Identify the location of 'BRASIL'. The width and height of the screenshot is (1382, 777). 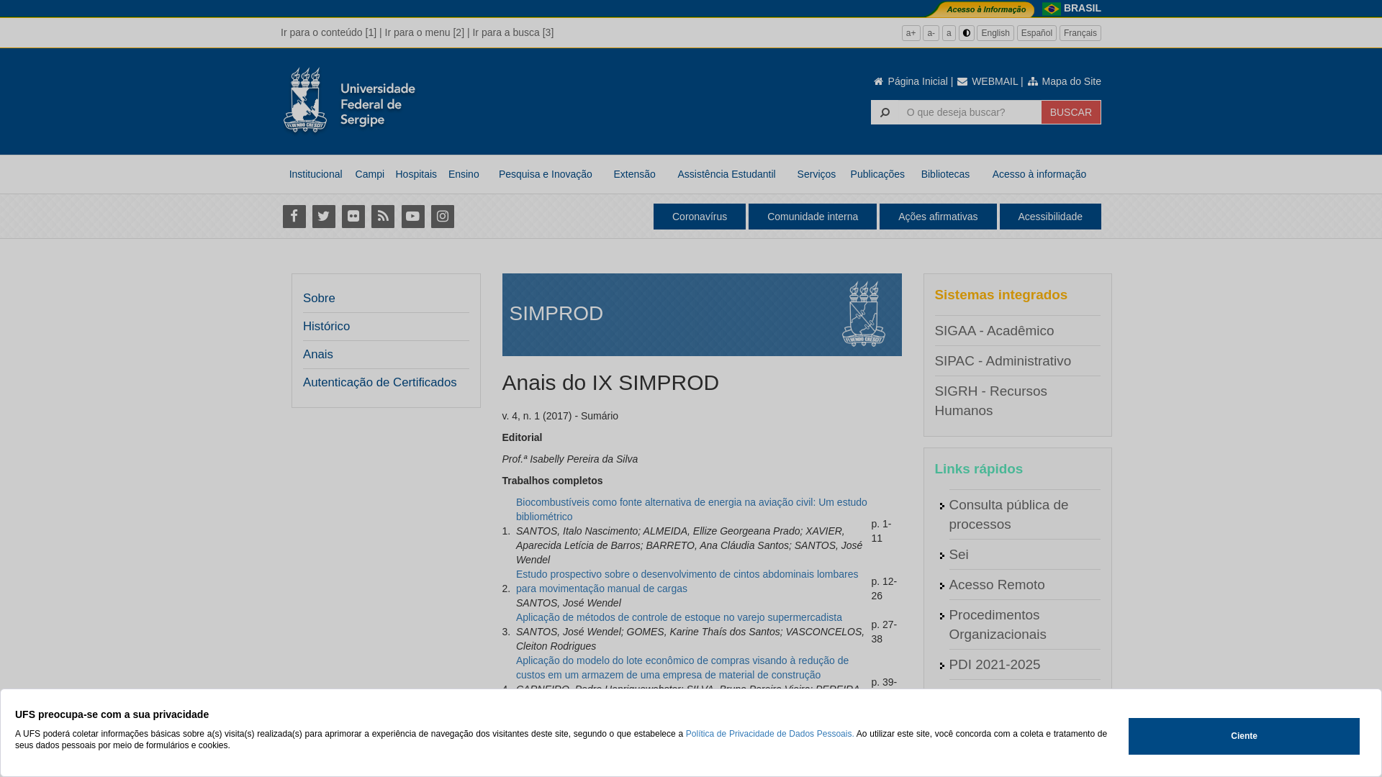
(1082, 8).